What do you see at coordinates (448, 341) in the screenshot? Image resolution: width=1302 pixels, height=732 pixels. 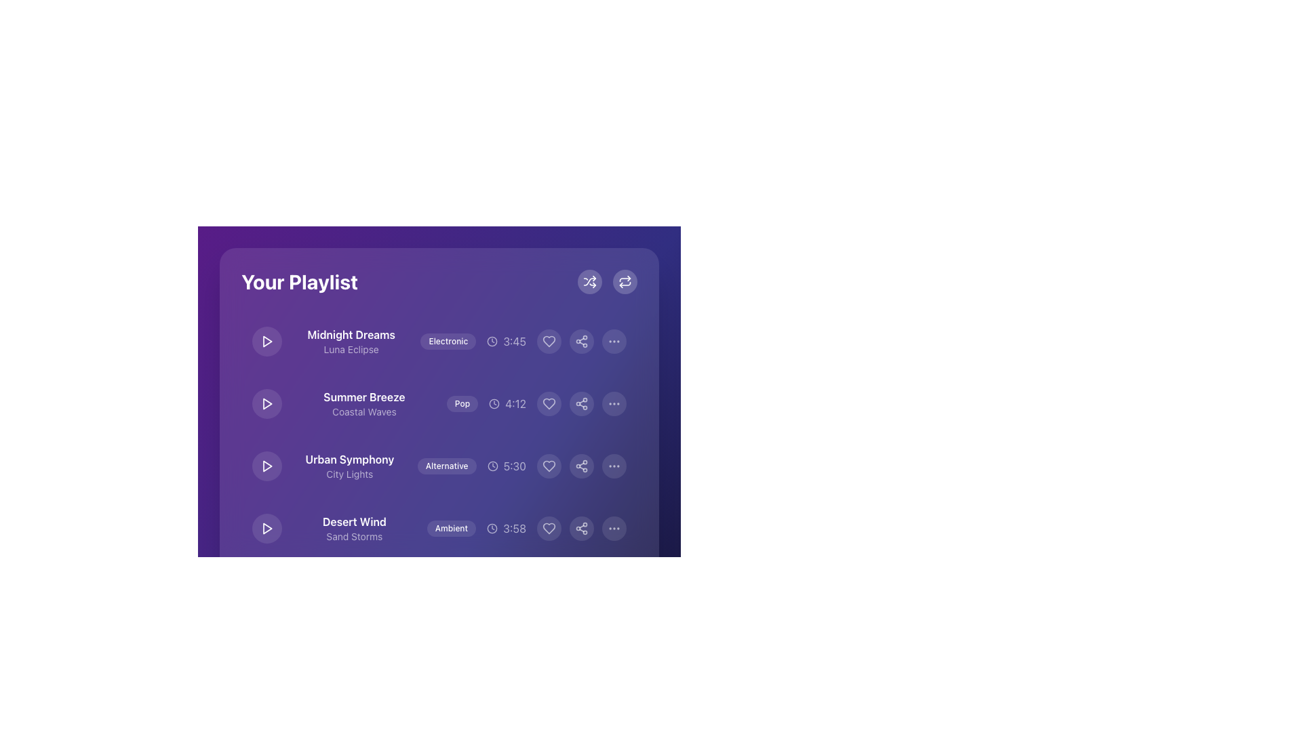 I see `the genre tag indicating that the song 'Midnight Dreams' belongs to the 'Electronic' genre, which is located to the right of the song's title and artist information` at bounding box center [448, 341].